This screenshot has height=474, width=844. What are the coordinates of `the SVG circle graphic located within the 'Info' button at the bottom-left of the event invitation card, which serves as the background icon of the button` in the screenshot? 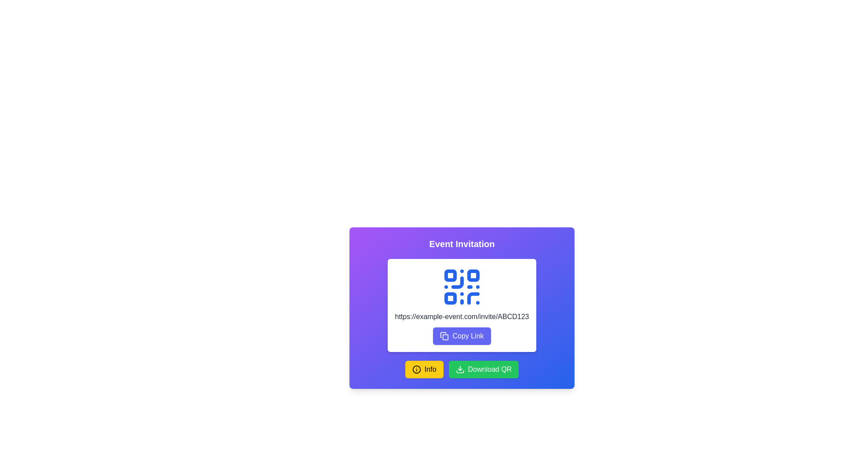 It's located at (416, 369).